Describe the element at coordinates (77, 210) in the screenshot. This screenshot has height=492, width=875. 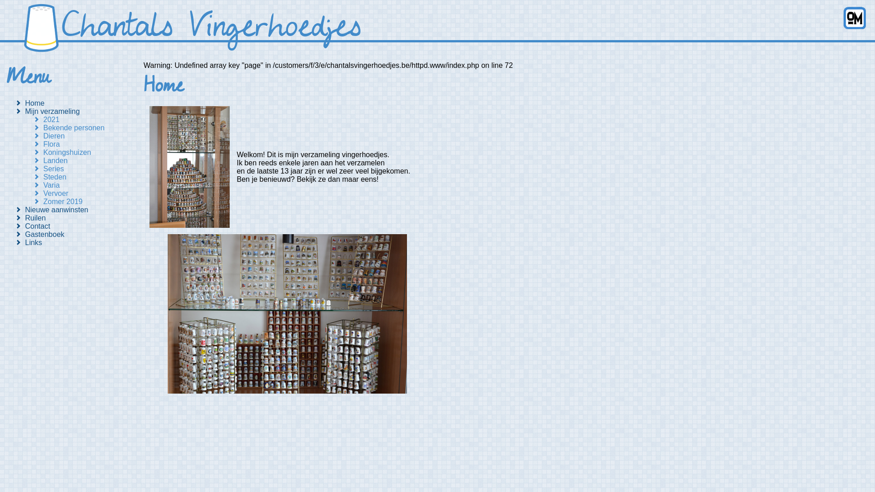
I see `'Nieuwe aanwinsten'` at that location.